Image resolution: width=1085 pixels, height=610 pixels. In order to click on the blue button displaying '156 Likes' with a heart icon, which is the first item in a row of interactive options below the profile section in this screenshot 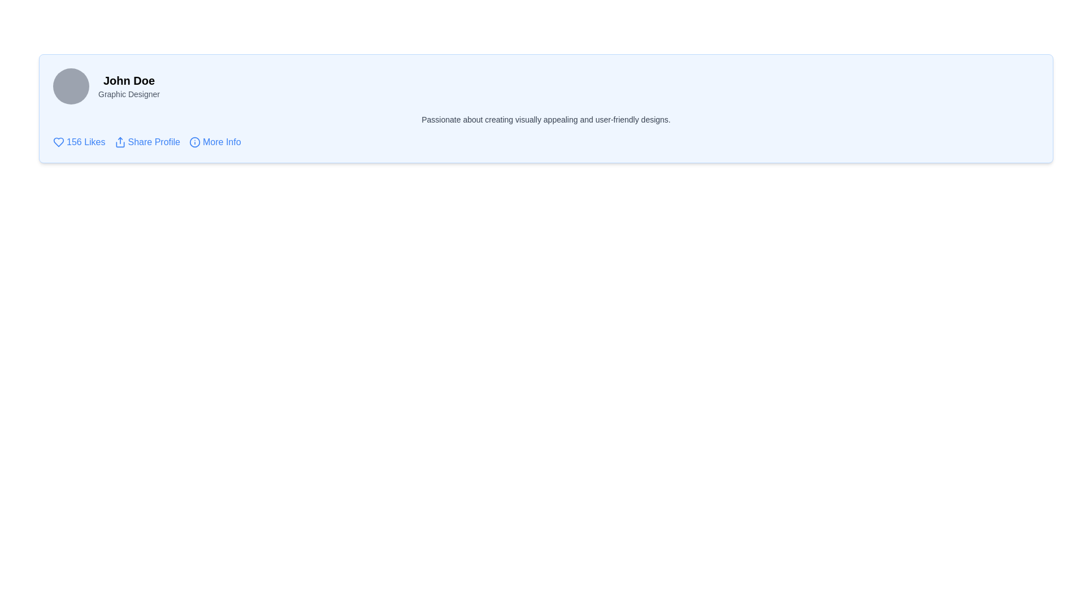, I will do `click(79, 141)`.